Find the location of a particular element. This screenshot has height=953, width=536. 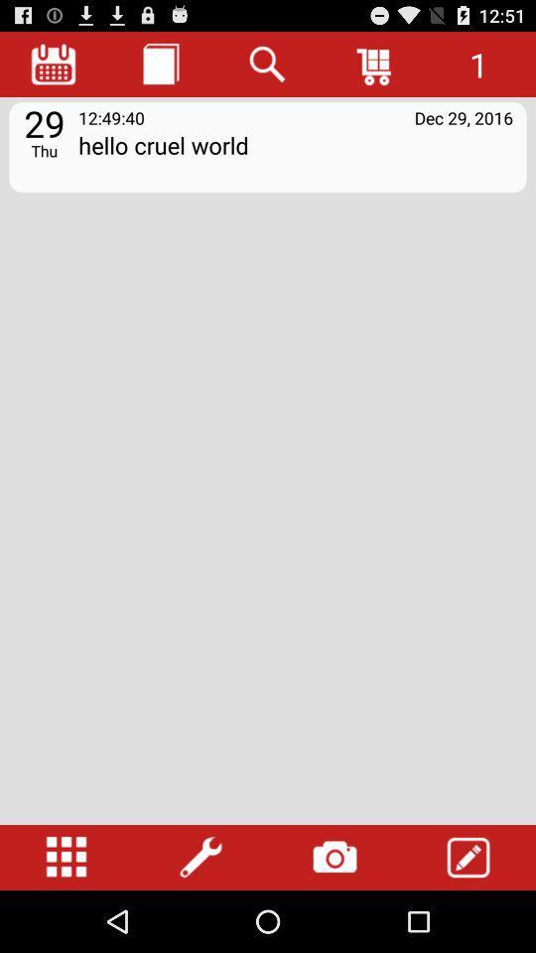

calendar is located at coordinates (54, 64).